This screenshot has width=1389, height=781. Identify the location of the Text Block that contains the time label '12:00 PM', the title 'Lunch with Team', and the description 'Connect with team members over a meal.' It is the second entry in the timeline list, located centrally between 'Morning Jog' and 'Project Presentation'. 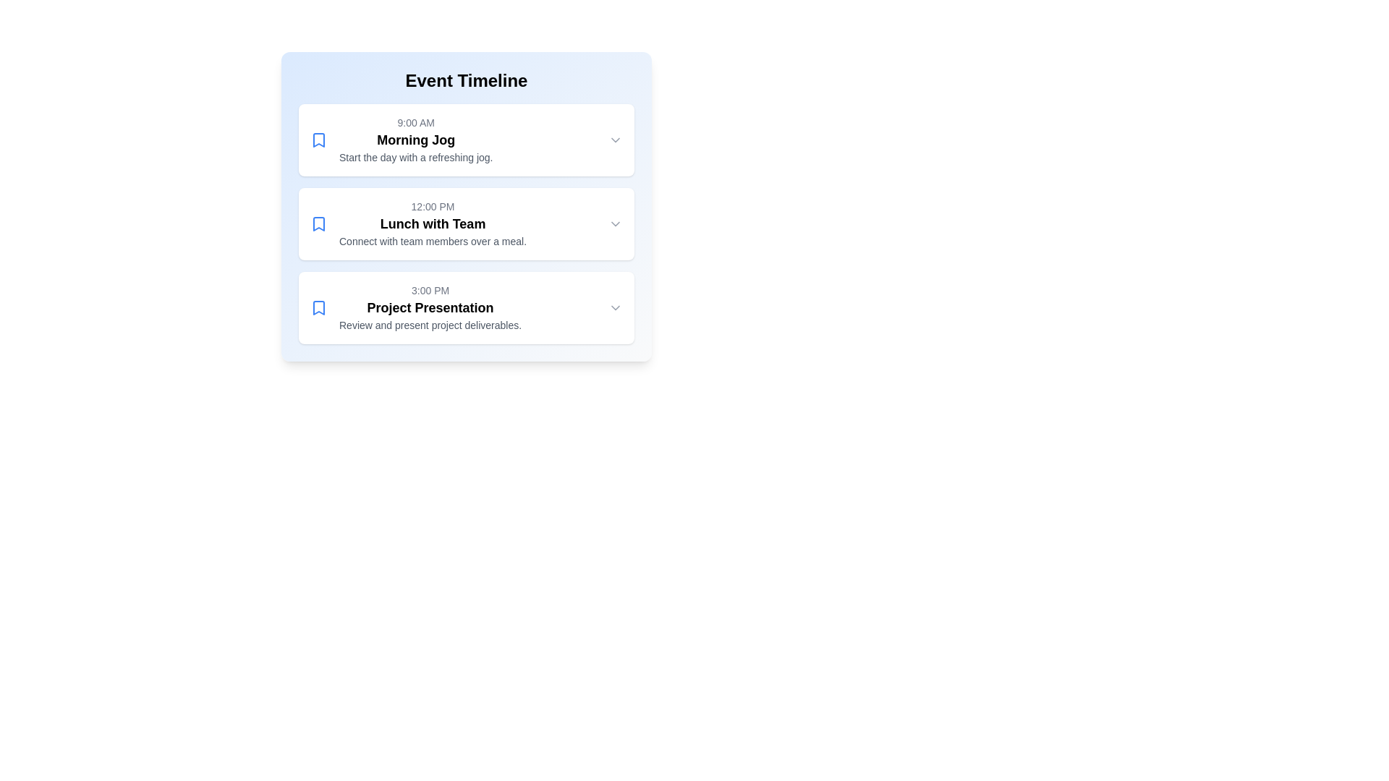
(432, 223).